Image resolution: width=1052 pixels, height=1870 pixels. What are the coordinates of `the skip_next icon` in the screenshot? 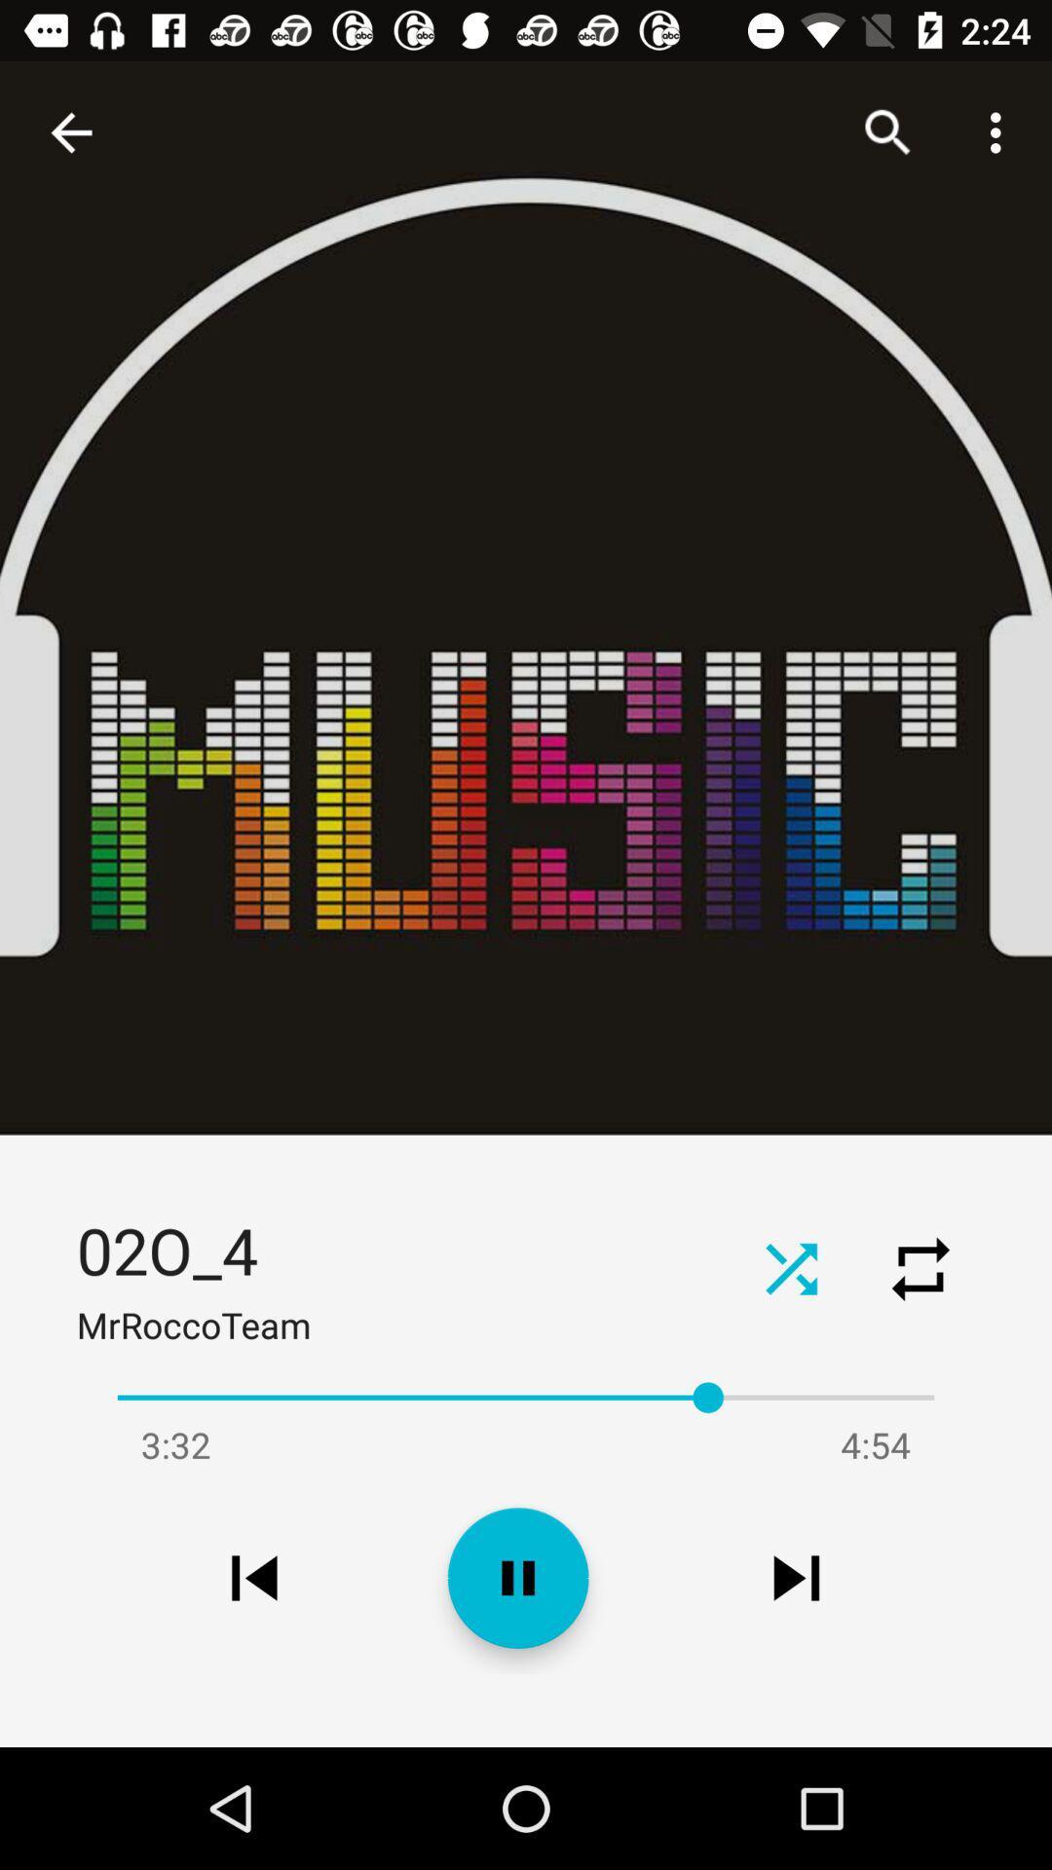 It's located at (796, 1578).